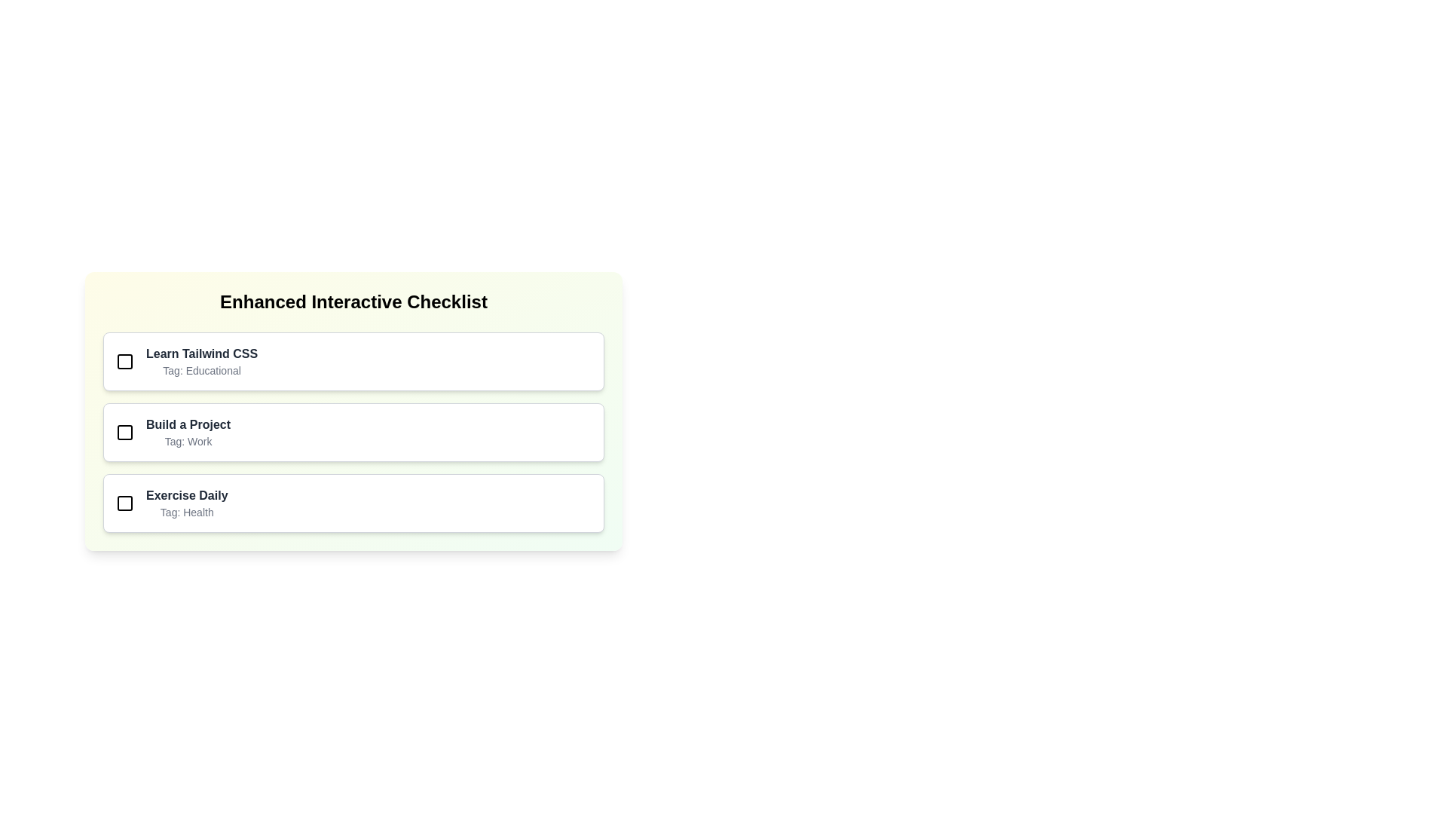 This screenshot has width=1447, height=814. Describe the element at coordinates (187, 433) in the screenshot. I see `the textual display area that shows the title 'Build a Project' and the tag 'Work', located centrally within the second entry of a vertically stacked list of items` at that location.